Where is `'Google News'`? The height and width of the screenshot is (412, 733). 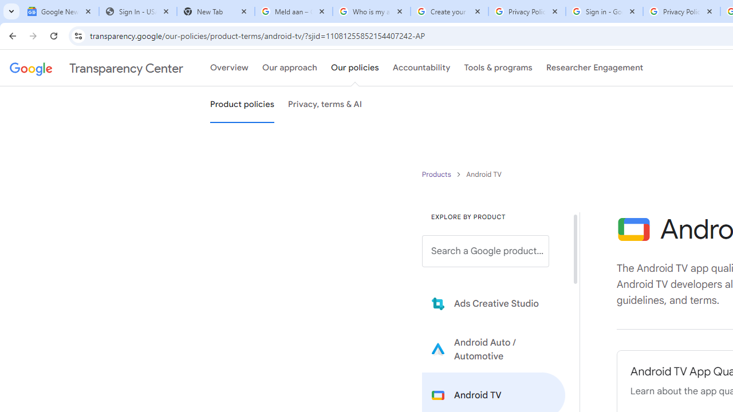
'Google News' is located at coordinates (59, 11).